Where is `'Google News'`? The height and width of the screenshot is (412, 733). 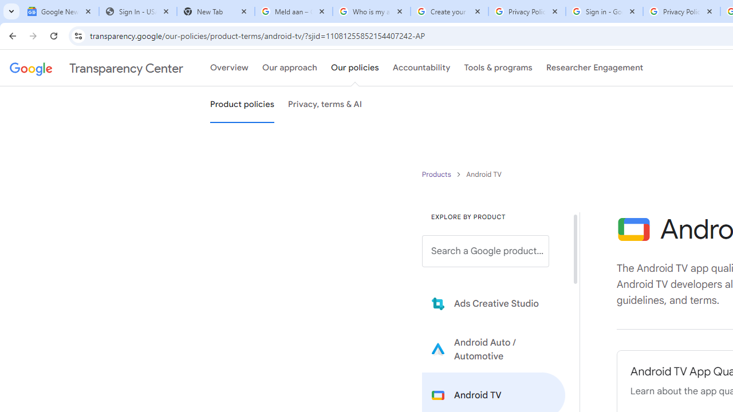
'Google News' is located at coordinates (59, 11).